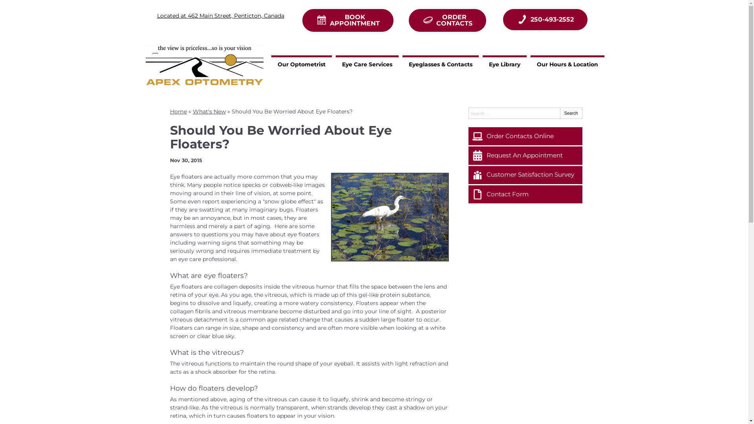 This screenshot has height=424, width=754. Describe the element at coordinates (220, 15) in the screenshot. I see `'Located at 462 Main Street, Penticton, Canada'` at that location.